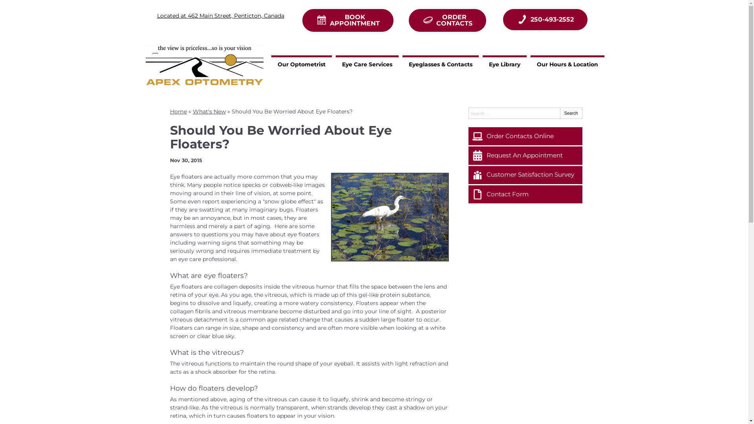 This screenshot has height=424, width=754. Describe the element at coordinates (220, 15) in the screenshot. I see `'Located at 462 Main Street, Penticton, Canada'` at that location.